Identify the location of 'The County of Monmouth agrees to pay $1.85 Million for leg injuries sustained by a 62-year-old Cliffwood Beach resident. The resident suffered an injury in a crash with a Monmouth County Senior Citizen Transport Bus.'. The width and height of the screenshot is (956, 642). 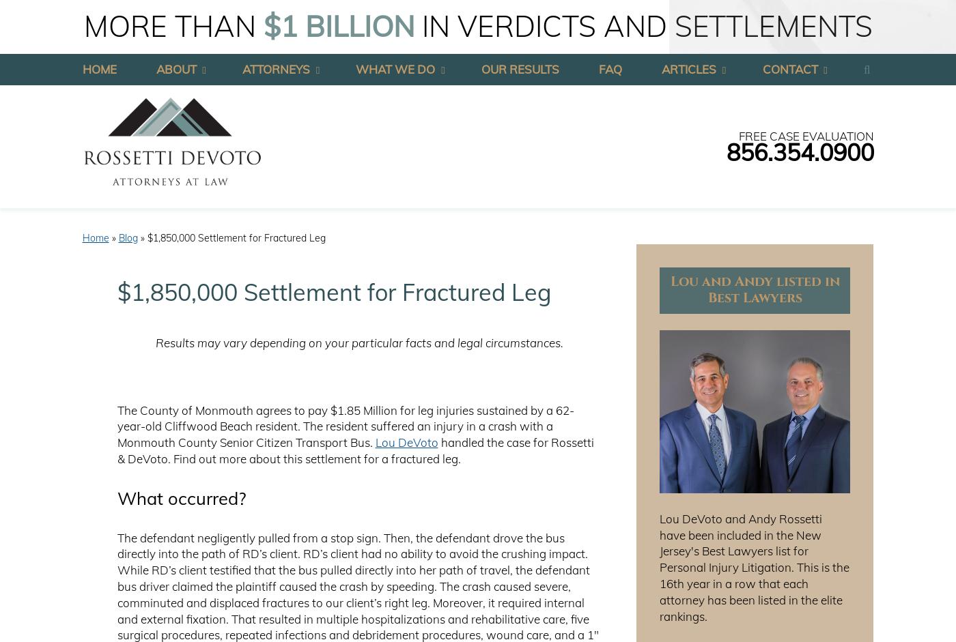
(345, 426).